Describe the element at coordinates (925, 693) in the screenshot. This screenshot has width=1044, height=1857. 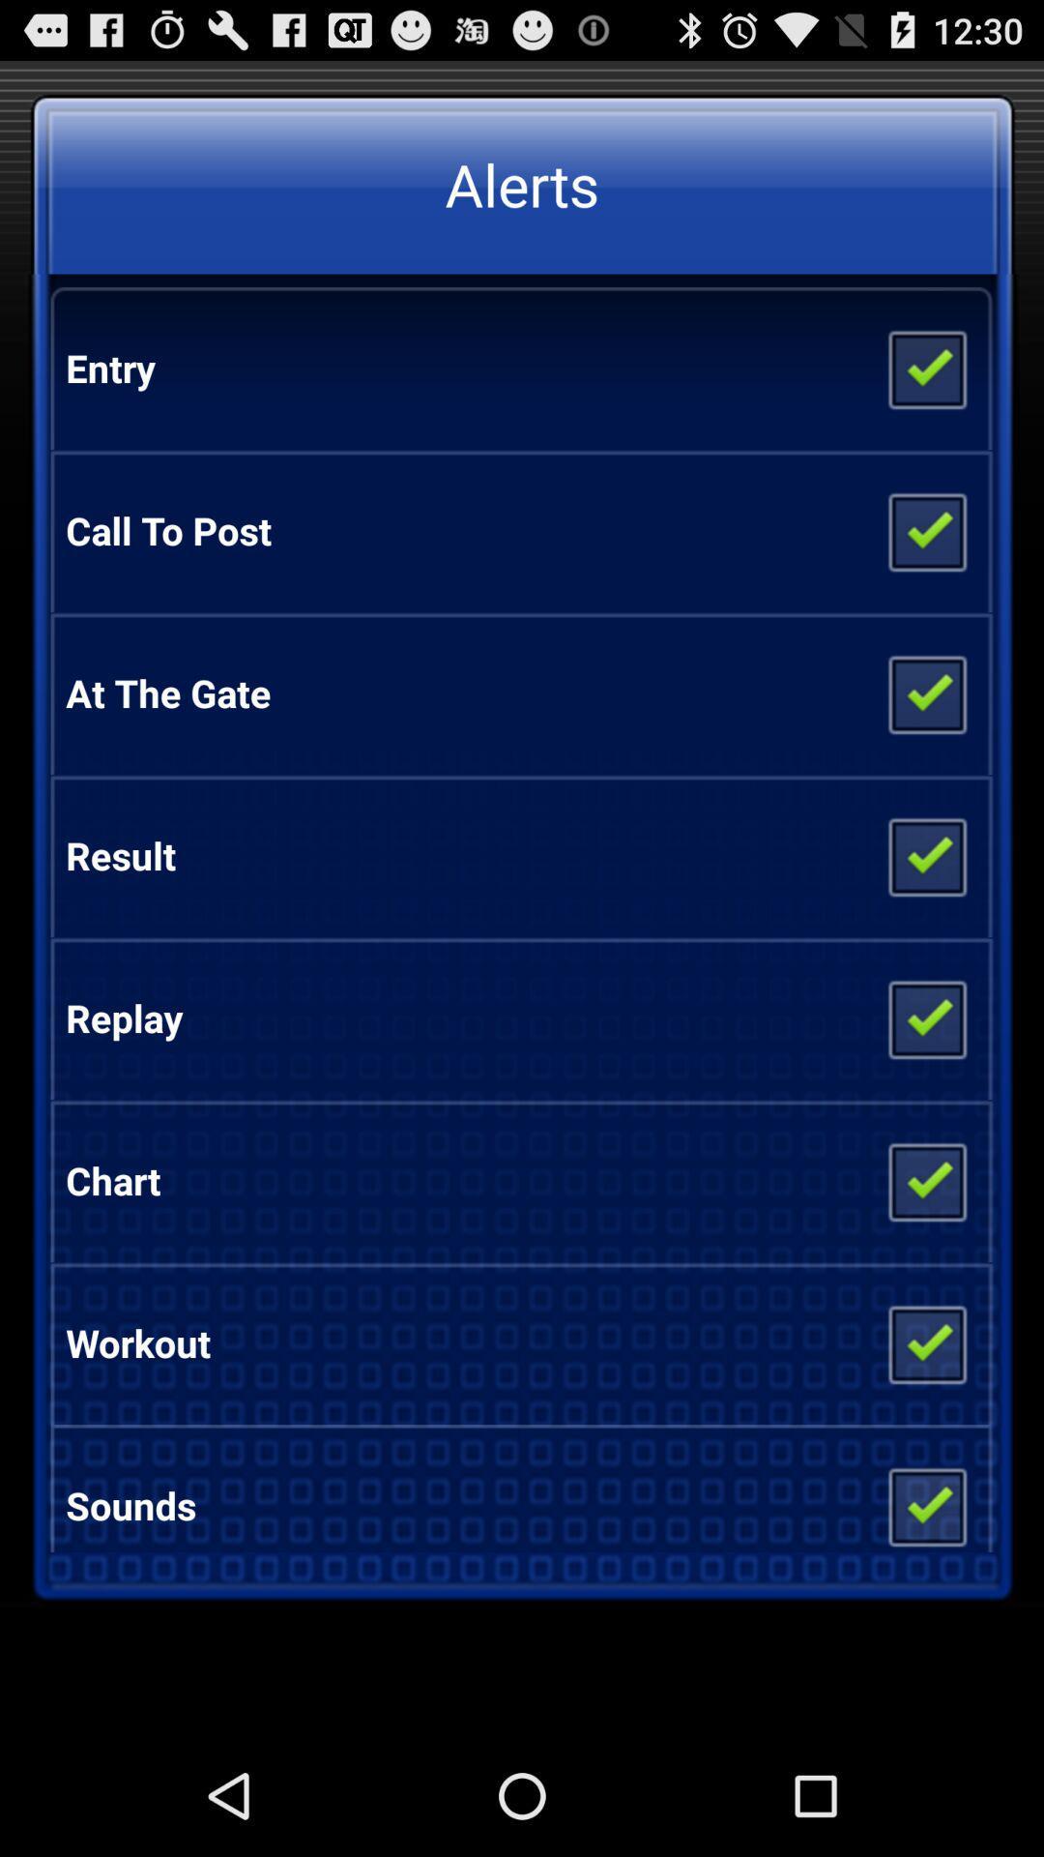
I see `option` at that location.